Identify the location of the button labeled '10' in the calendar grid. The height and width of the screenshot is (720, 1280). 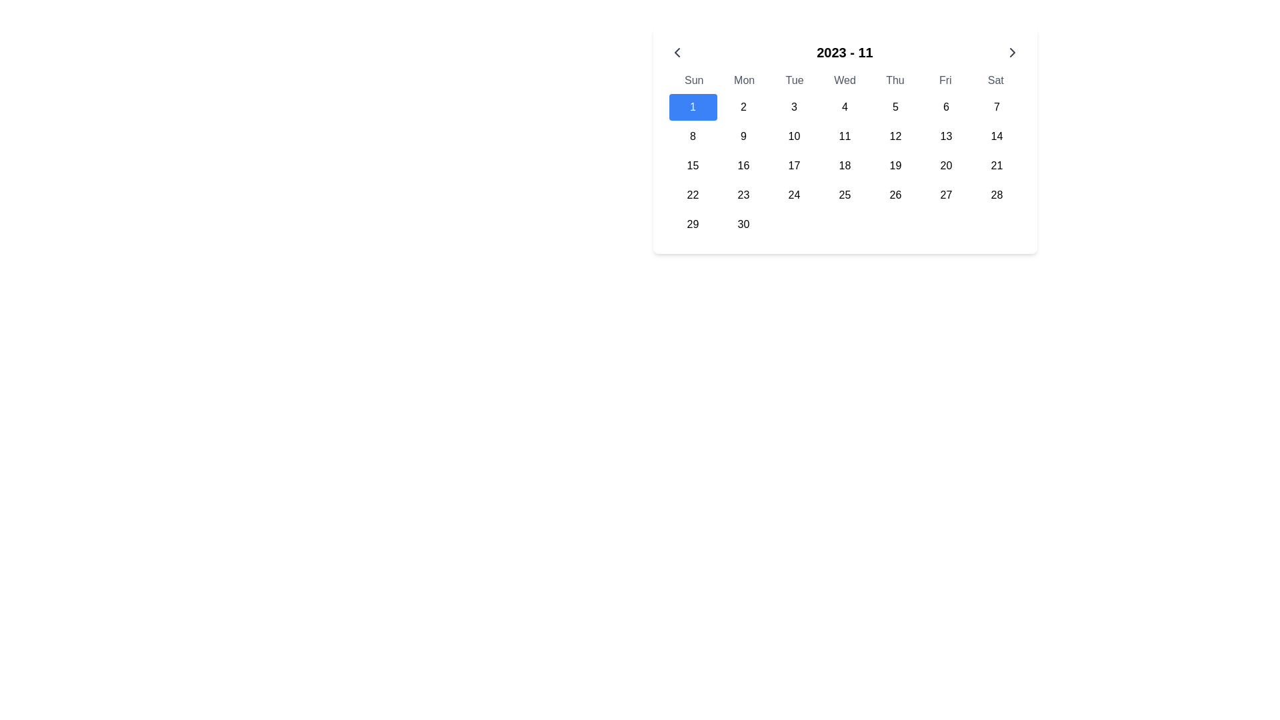
(794, 136).